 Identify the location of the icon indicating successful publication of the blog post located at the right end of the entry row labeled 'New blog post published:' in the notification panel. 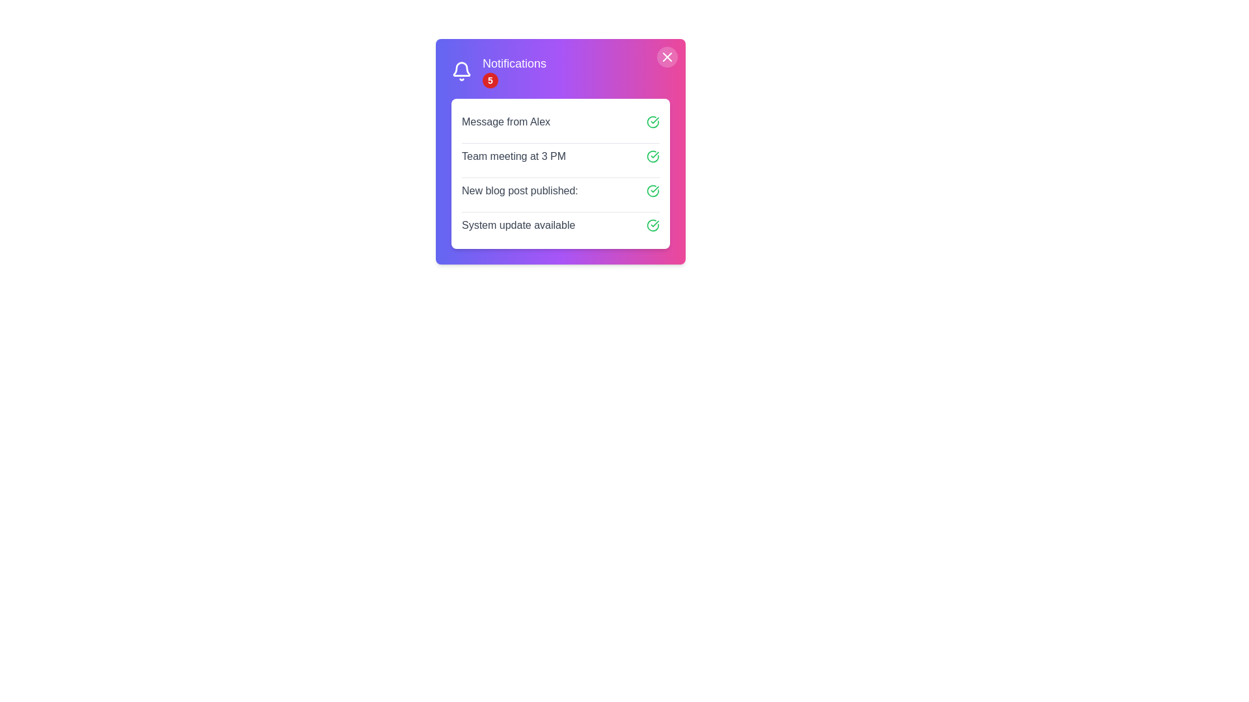
(652, 190).